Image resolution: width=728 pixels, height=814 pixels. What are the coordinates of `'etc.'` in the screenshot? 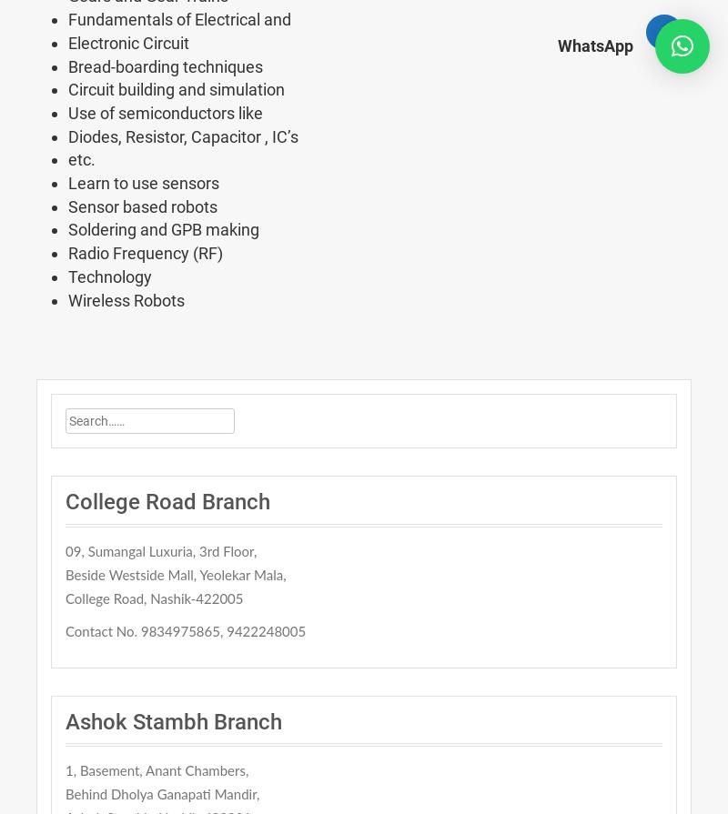 It's located at (82, 159).